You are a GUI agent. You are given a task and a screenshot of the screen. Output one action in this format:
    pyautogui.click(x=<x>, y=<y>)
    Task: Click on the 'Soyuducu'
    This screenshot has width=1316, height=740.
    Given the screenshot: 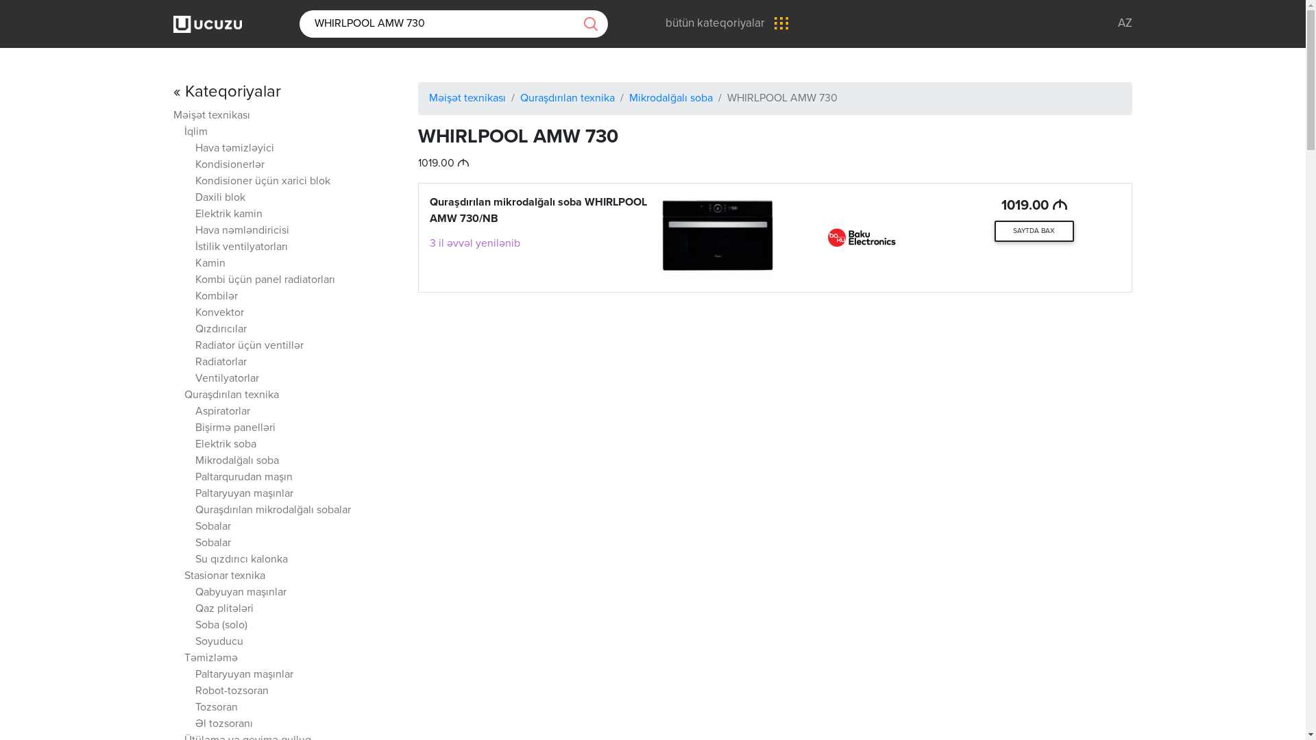 What is the action you would take?
    pyautogui.click(x=219, y=642)
    